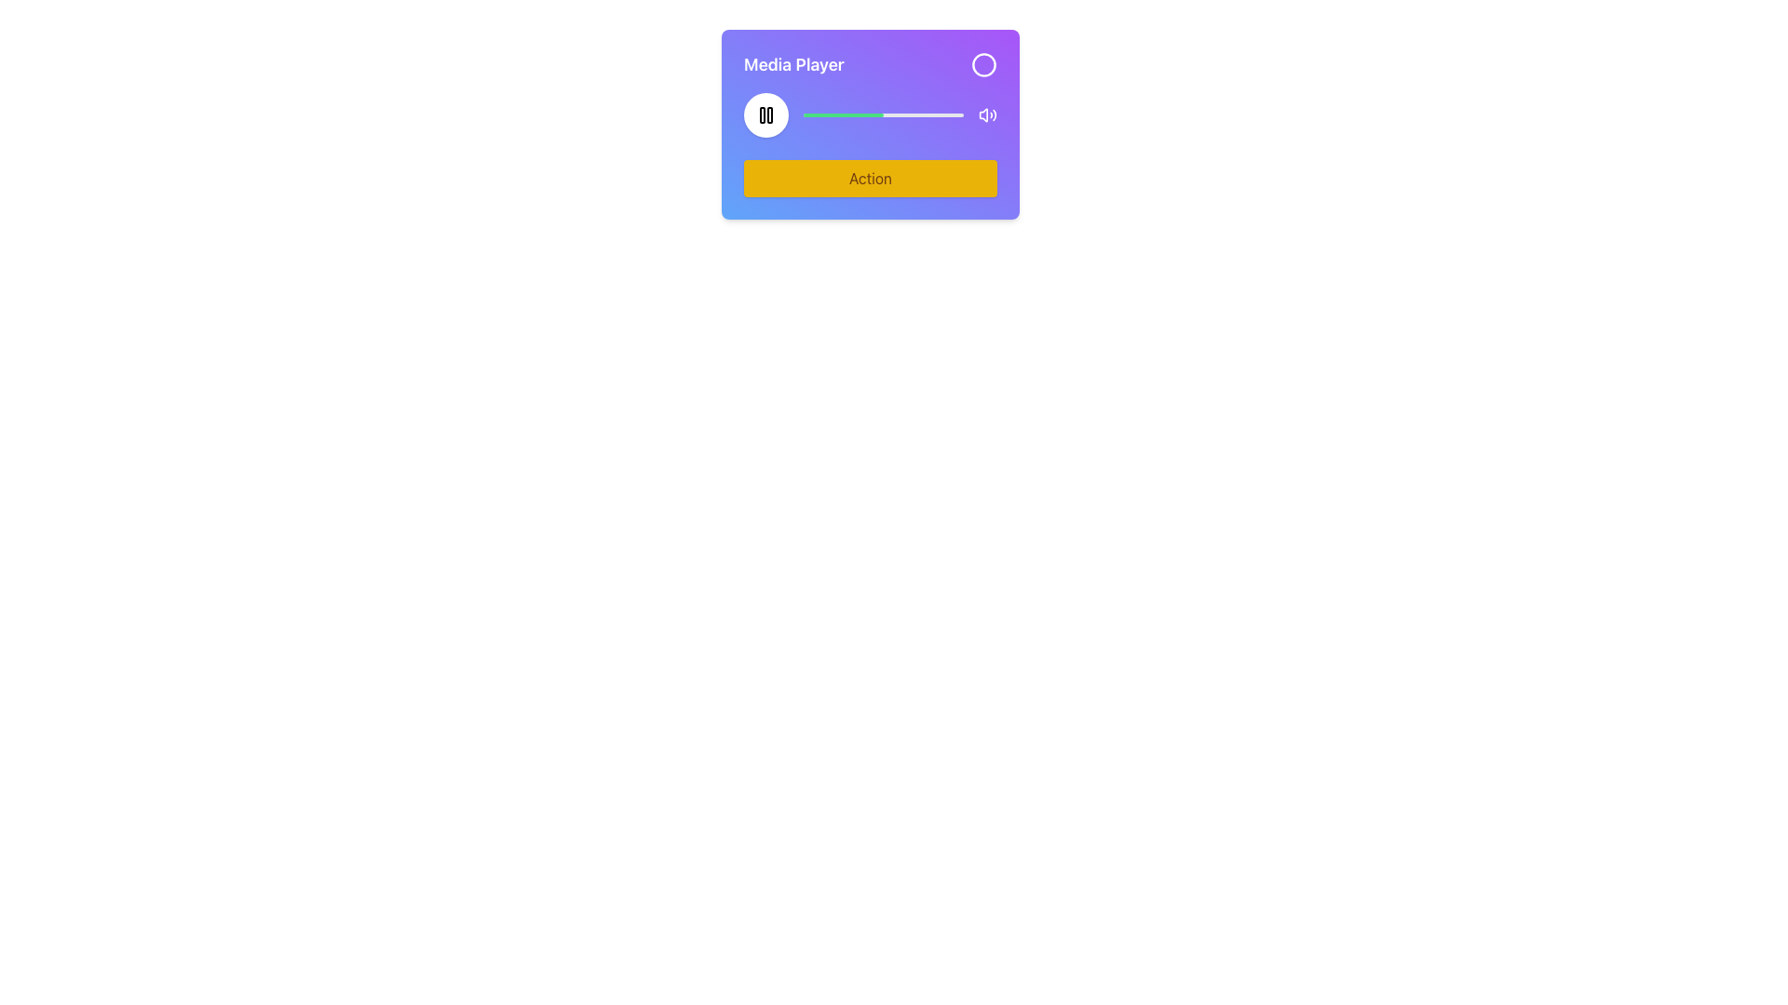 The width and height of the screenshot is (1788, 1005). I want to click on the rightmost vertical bar of the pause icon in the media player controls, so click(769, 114).